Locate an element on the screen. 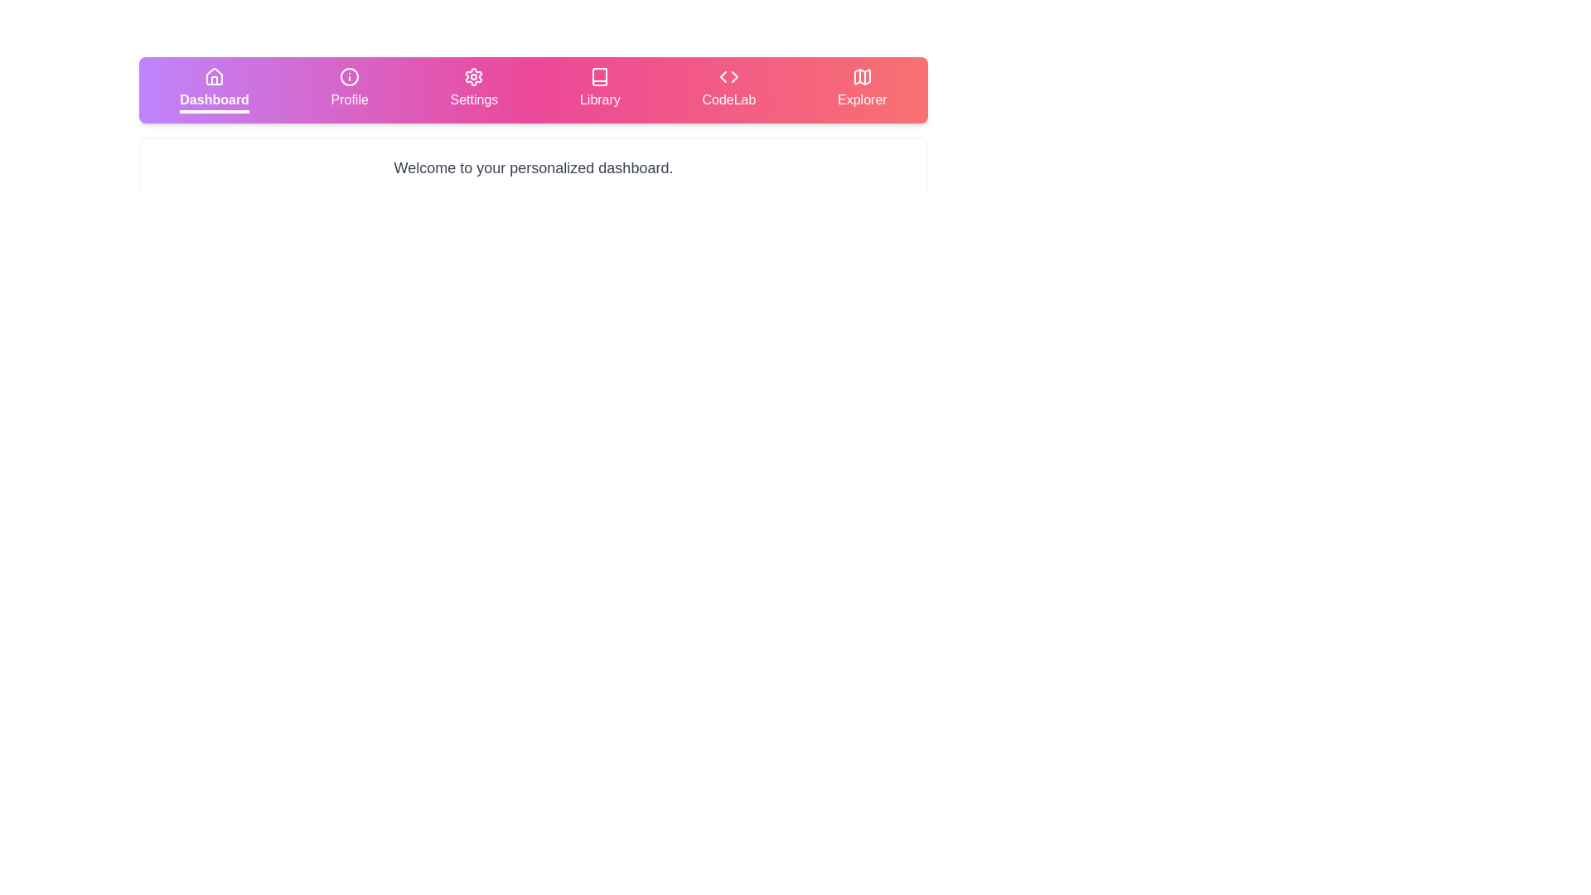 Image resolution: width=1591 pixels, height=895 pixels. the tab labeled Profile to display its content is located at coordinates (349, 89).